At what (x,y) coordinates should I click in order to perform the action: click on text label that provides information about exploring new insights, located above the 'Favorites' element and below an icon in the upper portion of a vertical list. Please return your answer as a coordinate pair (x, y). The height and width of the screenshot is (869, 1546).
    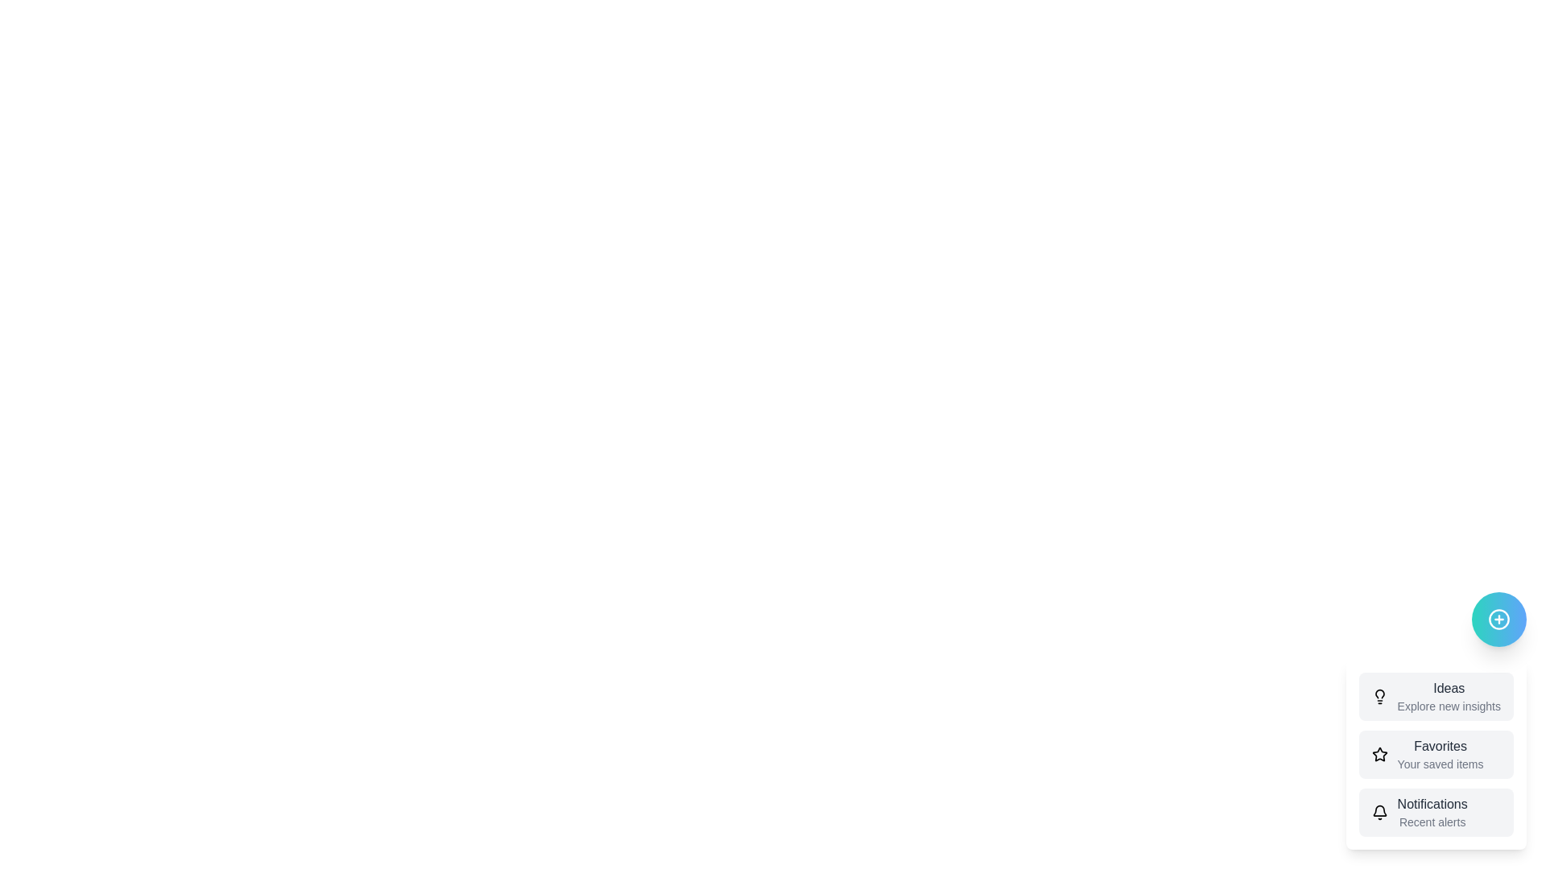
    Looking at the image, I should click on (1449, 696).